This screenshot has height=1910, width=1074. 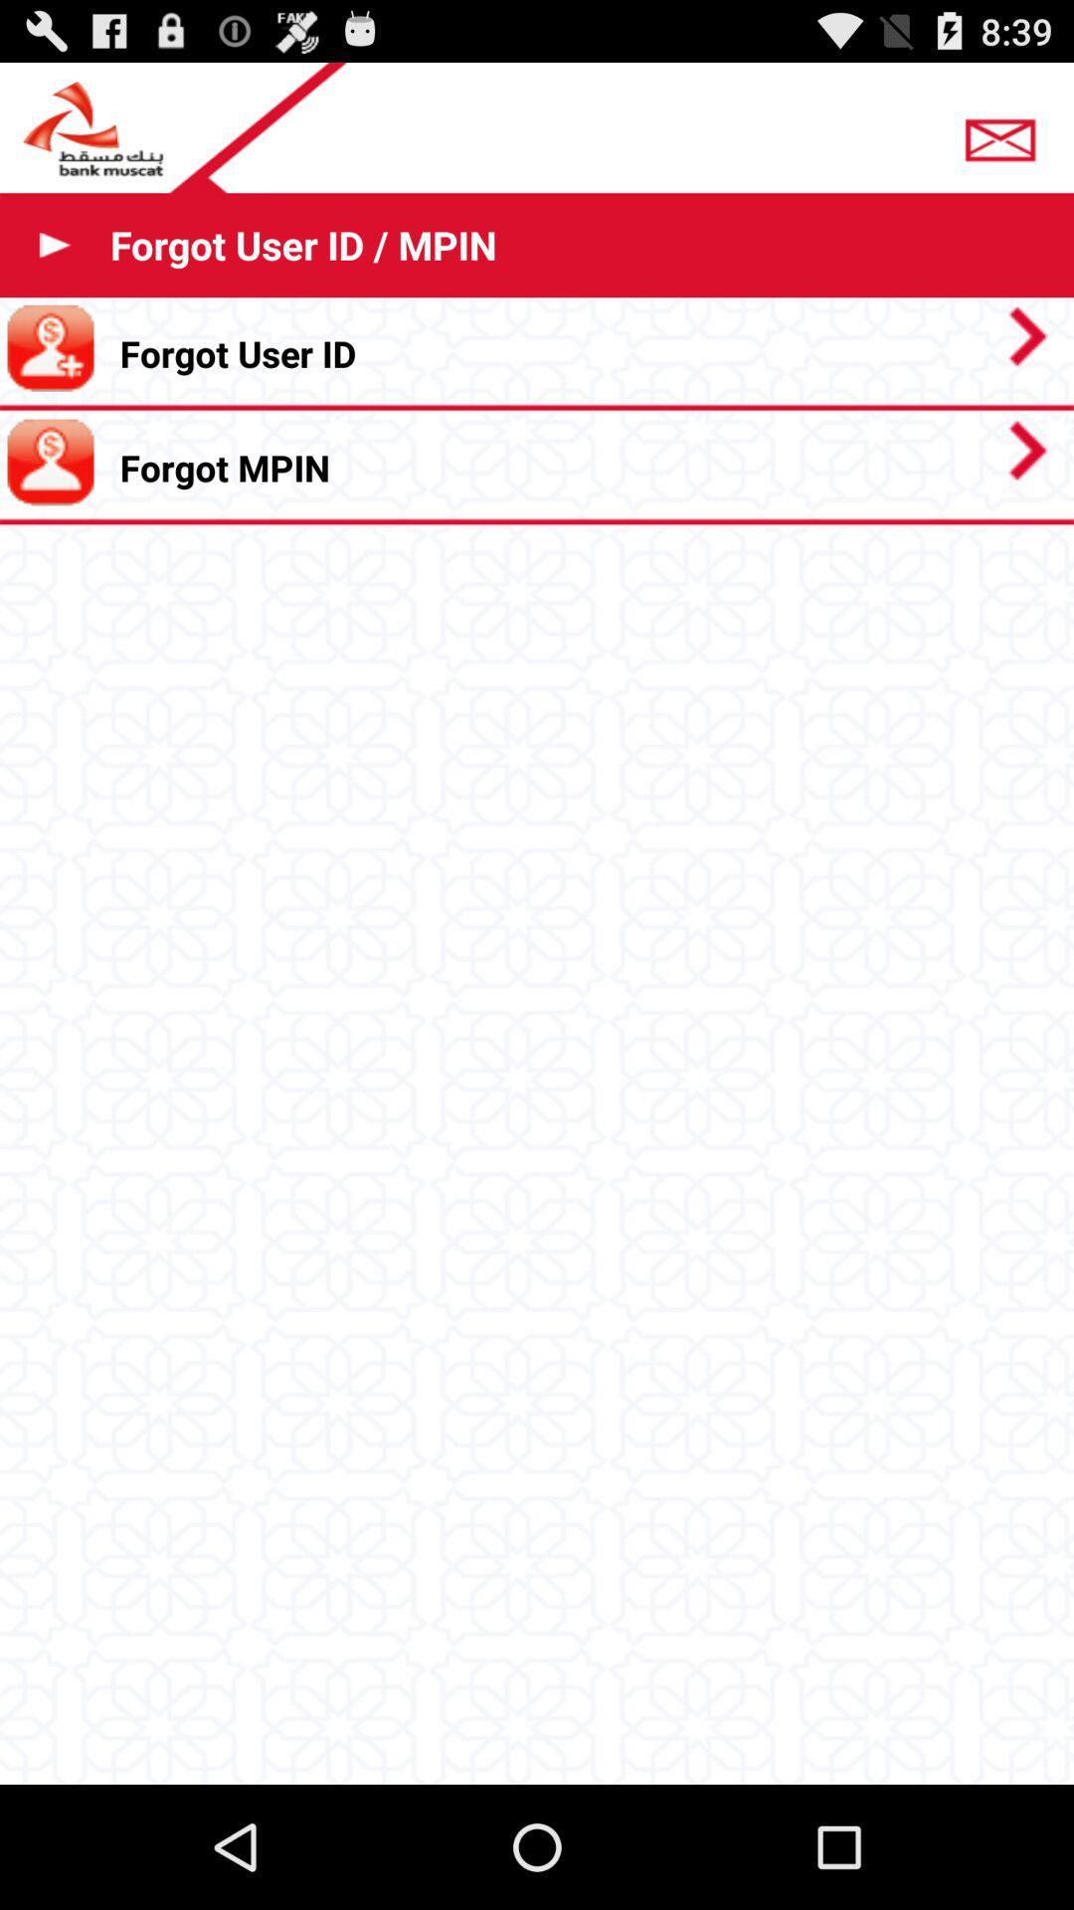 I want to click on inbox, so click(x=1005, y=132).